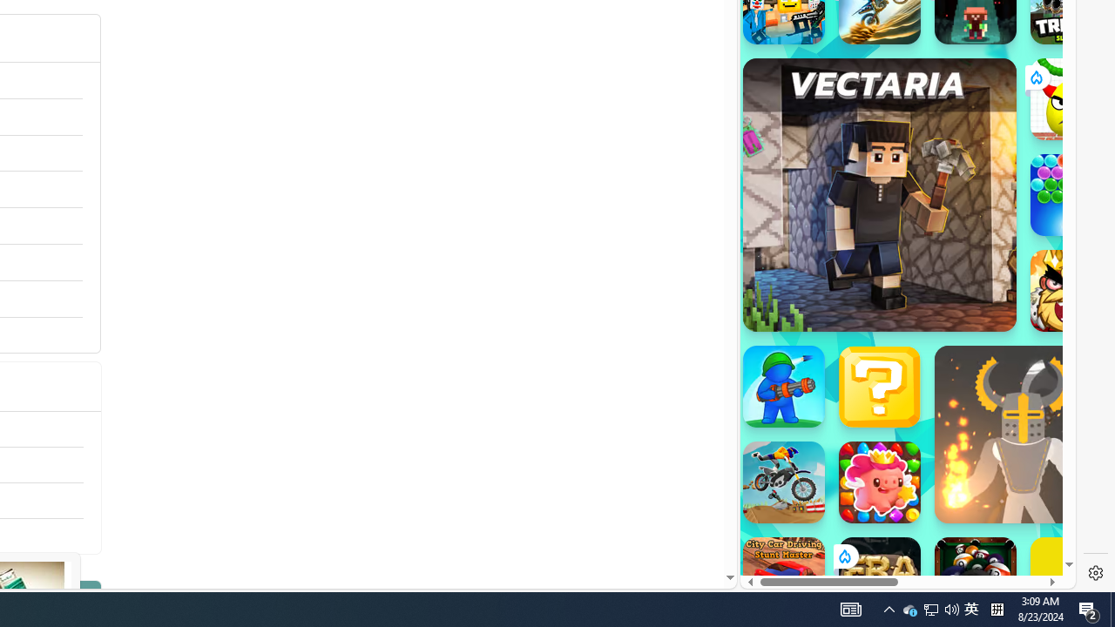 The height and width of the screenshot is (627, 1115). I want to click on 'War Master War Master', so click(782, 385).